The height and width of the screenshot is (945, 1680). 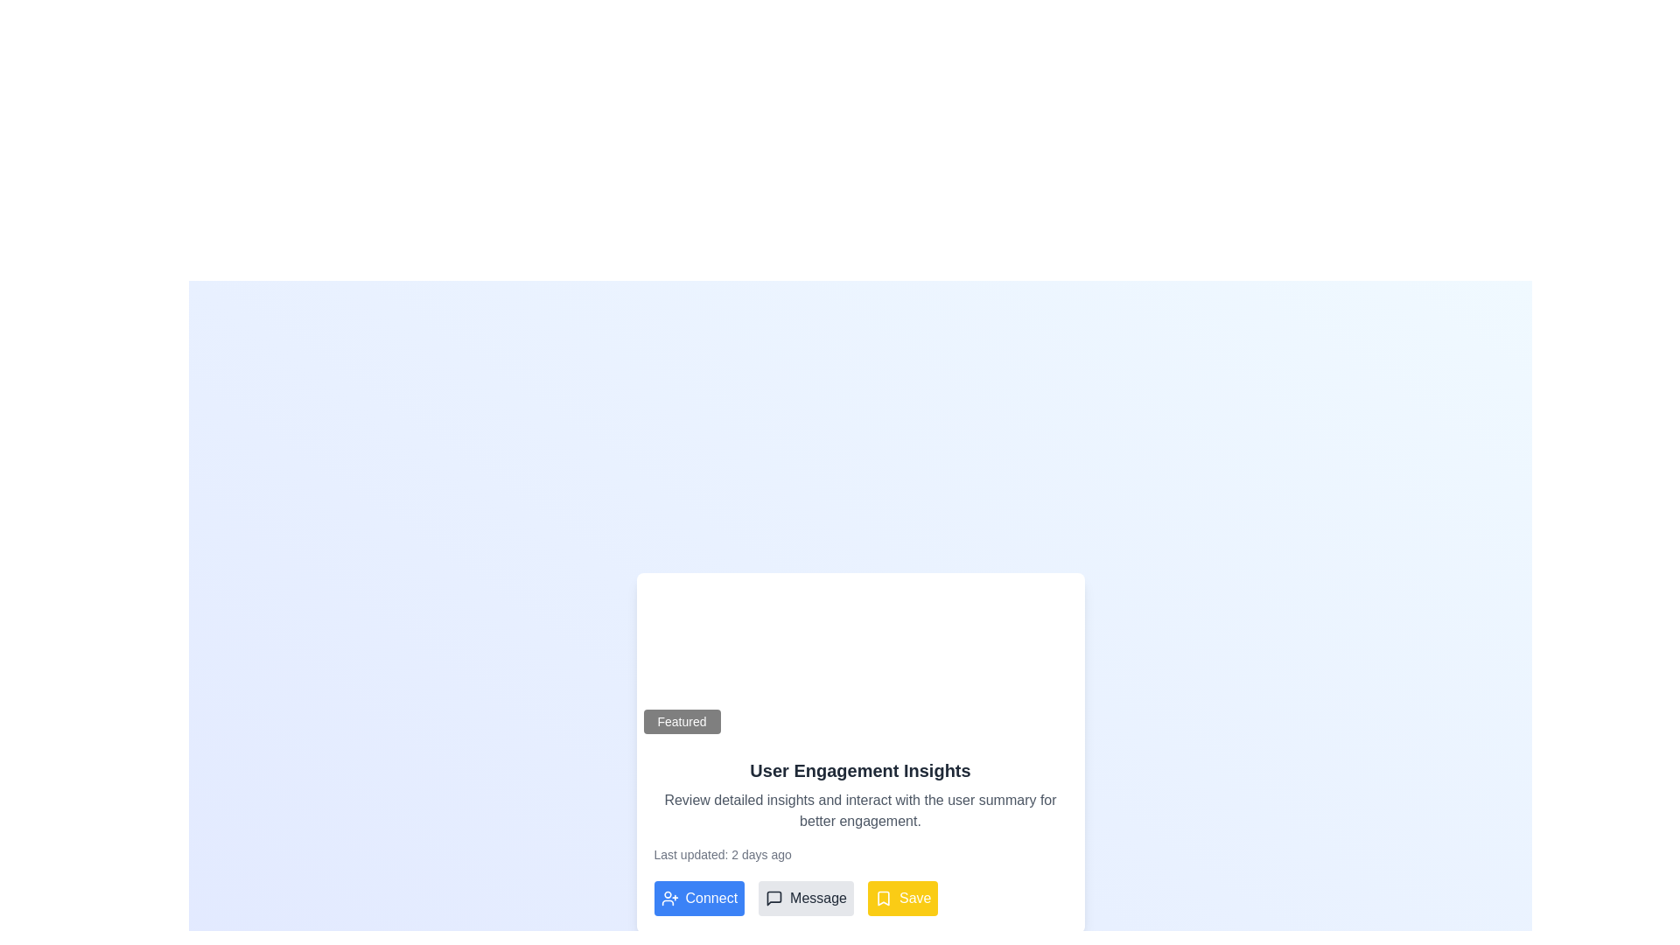 I want to click on the square-shaped speech bubble icon located below the 'Message' button and adjacent to the 'Connect' and 'Save' buttons, so click(x=773, y=898).